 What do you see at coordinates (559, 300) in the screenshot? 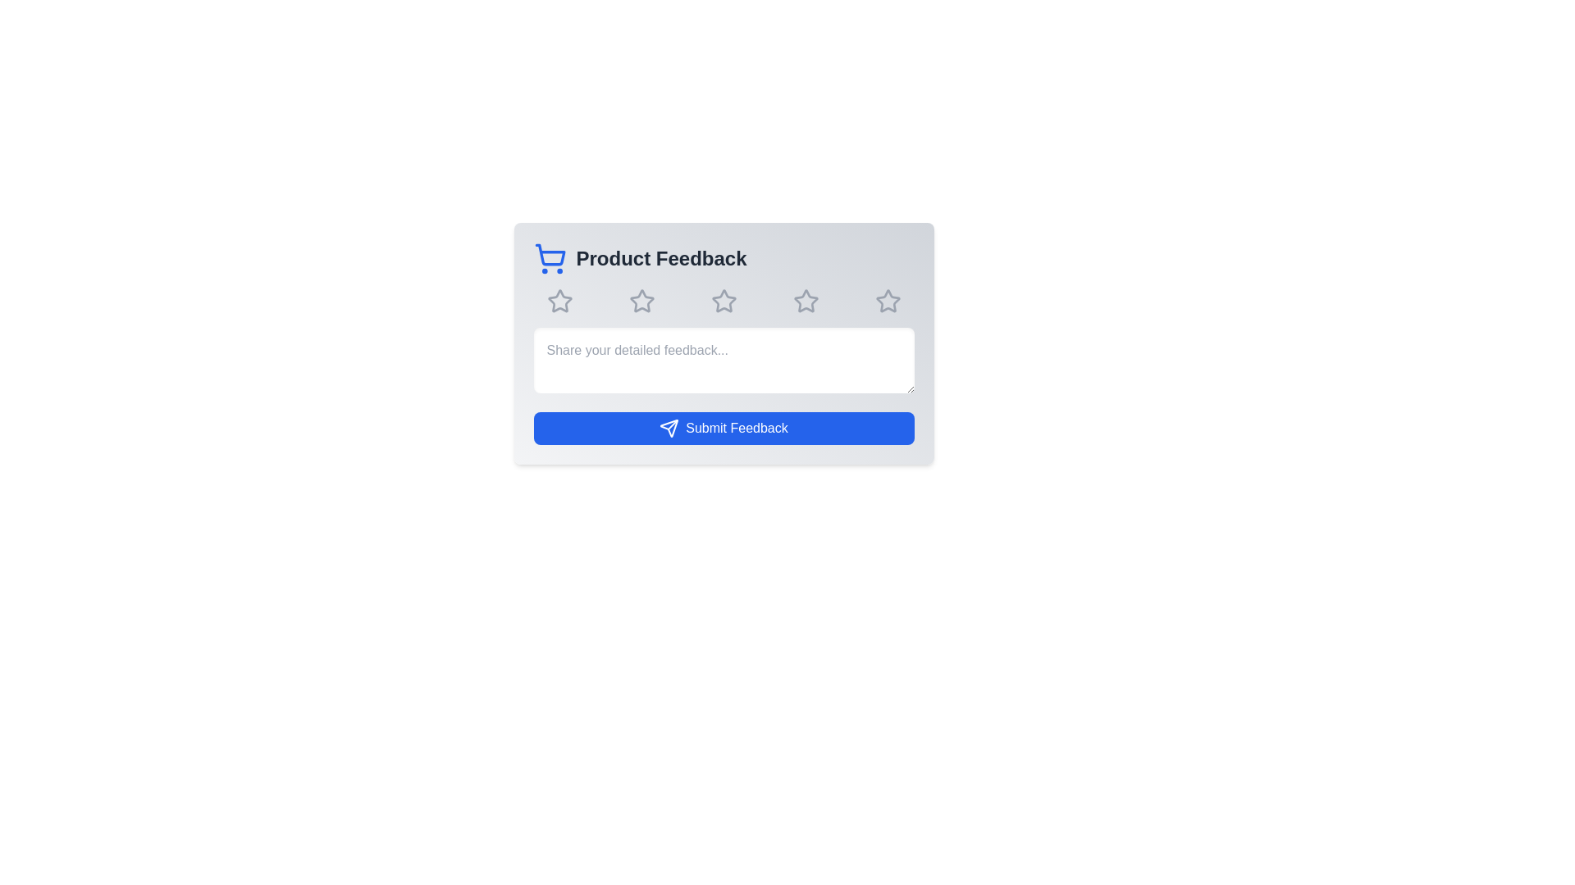
I see `the first star-shaped rating icon, which has a hollow center and is gray, to set the rating for the product feedback` at bounding box center [559, 300].